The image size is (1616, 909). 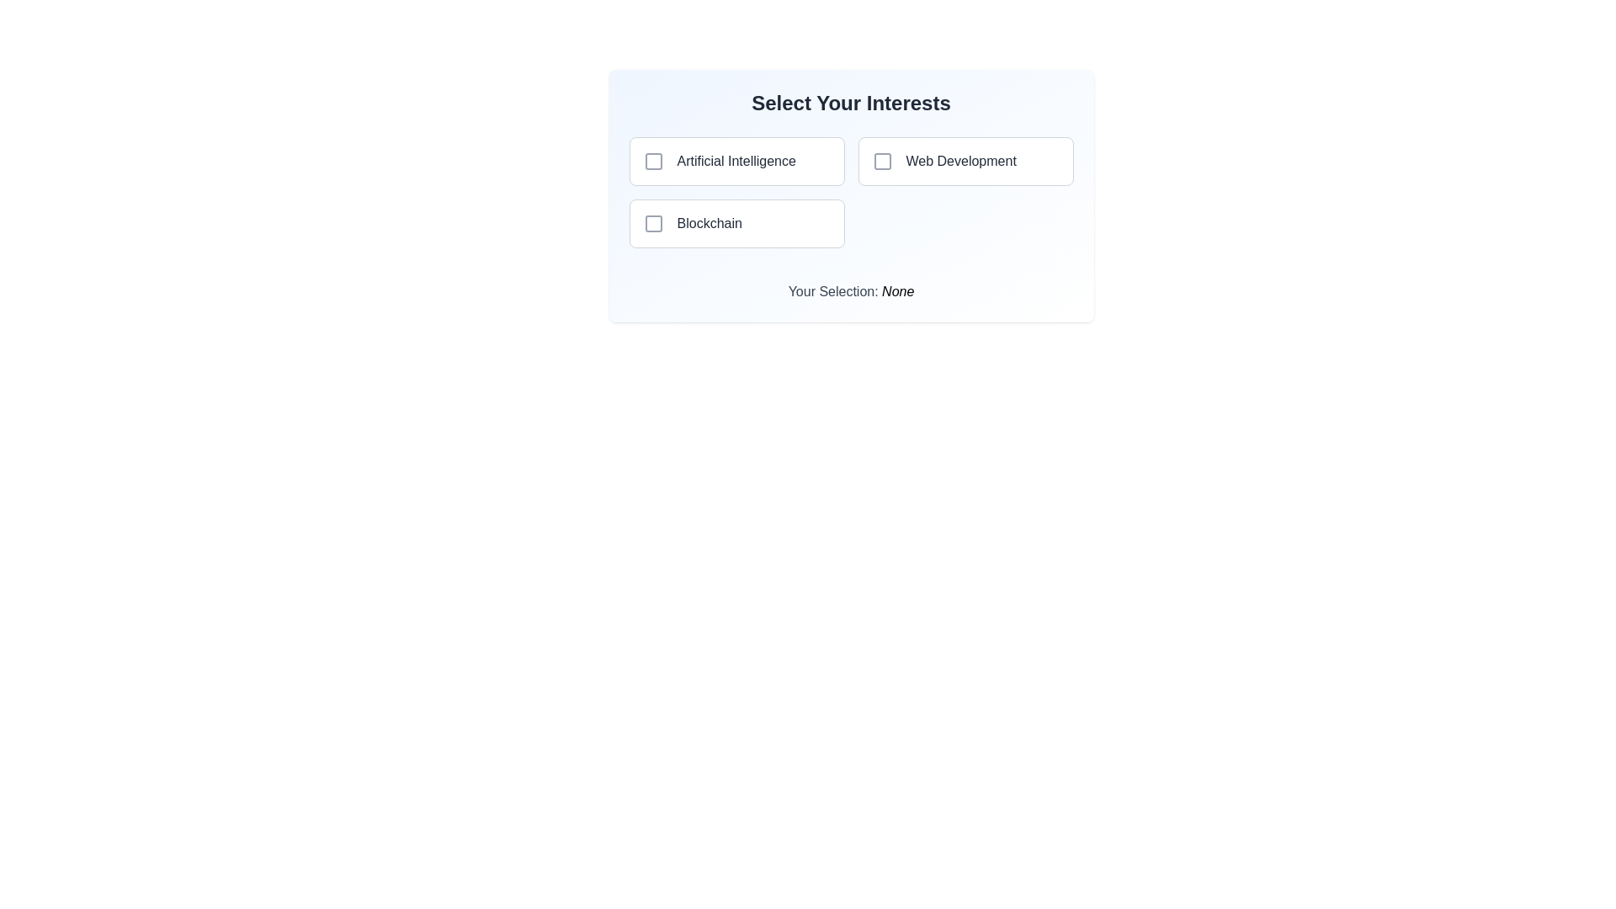 What do you see at coordinates (881, 162) in the screenshot?
I see `the checkbox for the 'Web Development' option` at bounding box center [881, 162].